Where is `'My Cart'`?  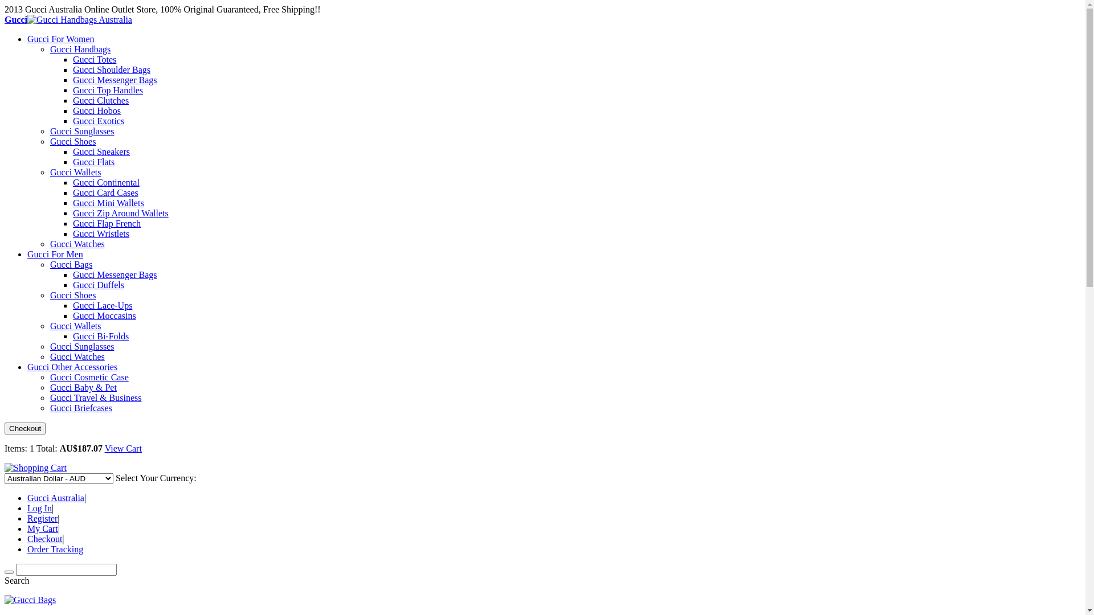 'My Cart' is located at coordinates (43, 528).